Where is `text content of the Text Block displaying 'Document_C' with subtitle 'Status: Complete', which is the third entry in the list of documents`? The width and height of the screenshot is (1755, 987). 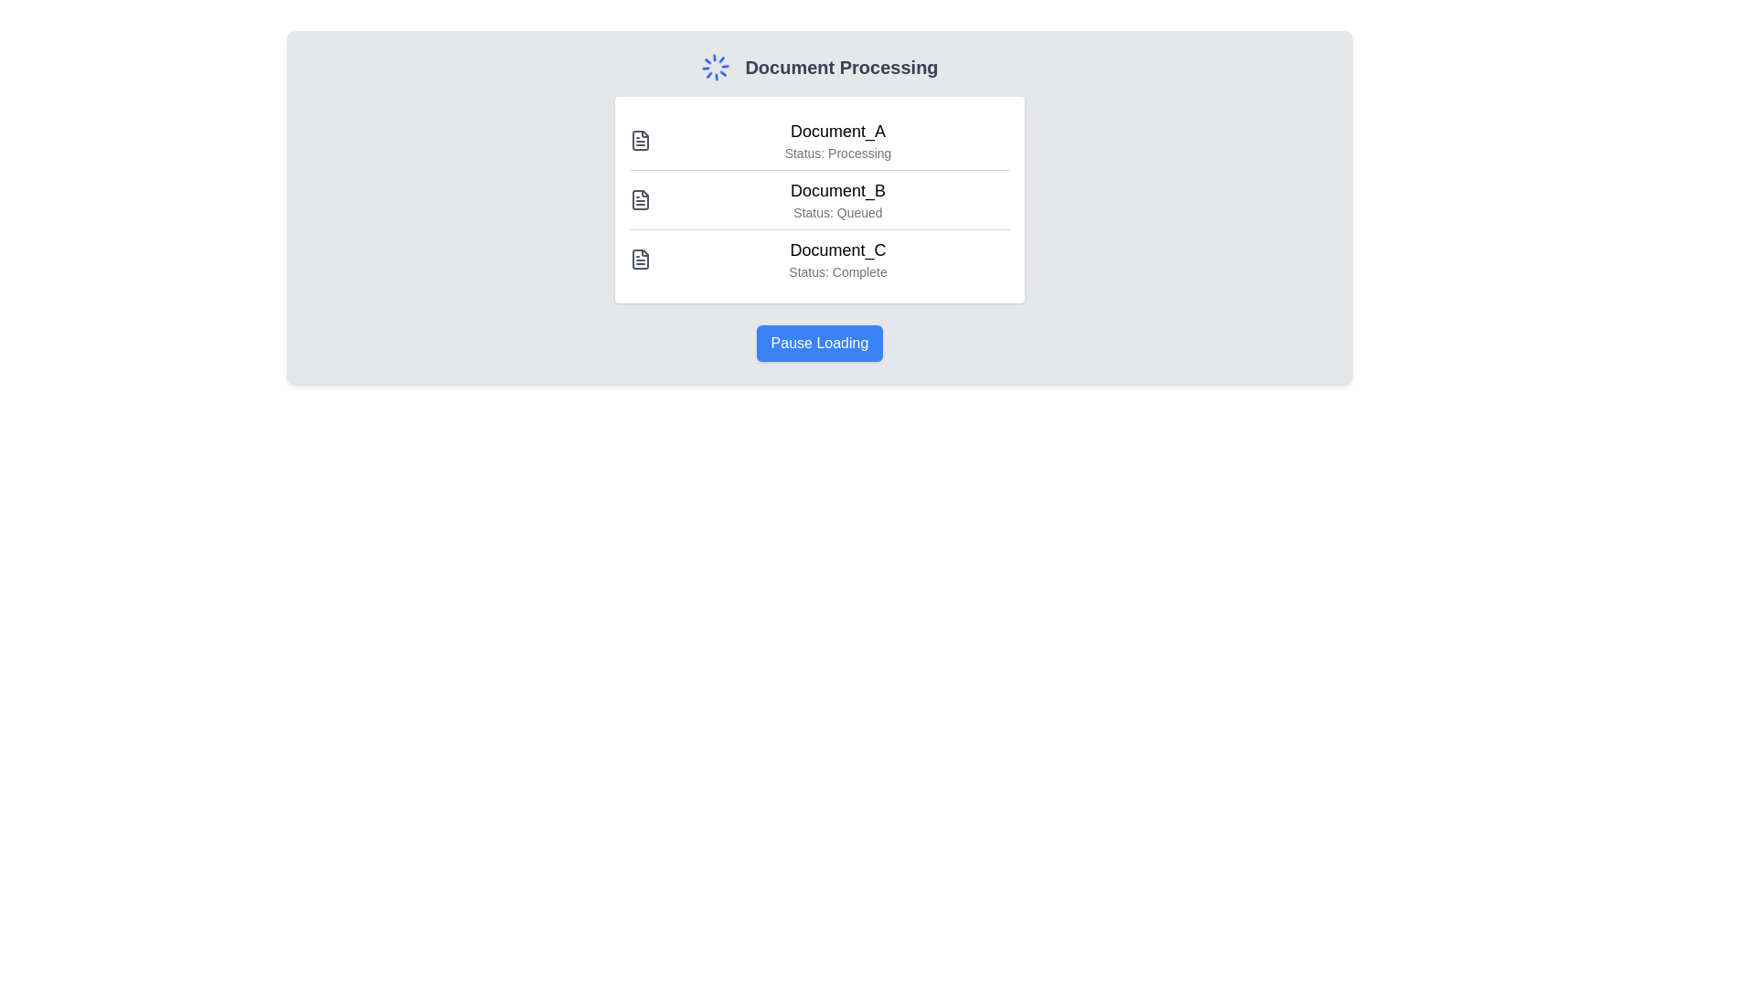 text content of the Text Block displaying 'Document_C' with subtitle 'Status: Complete', which is the third entry in the list of documents is located at coordinates (836, 260).